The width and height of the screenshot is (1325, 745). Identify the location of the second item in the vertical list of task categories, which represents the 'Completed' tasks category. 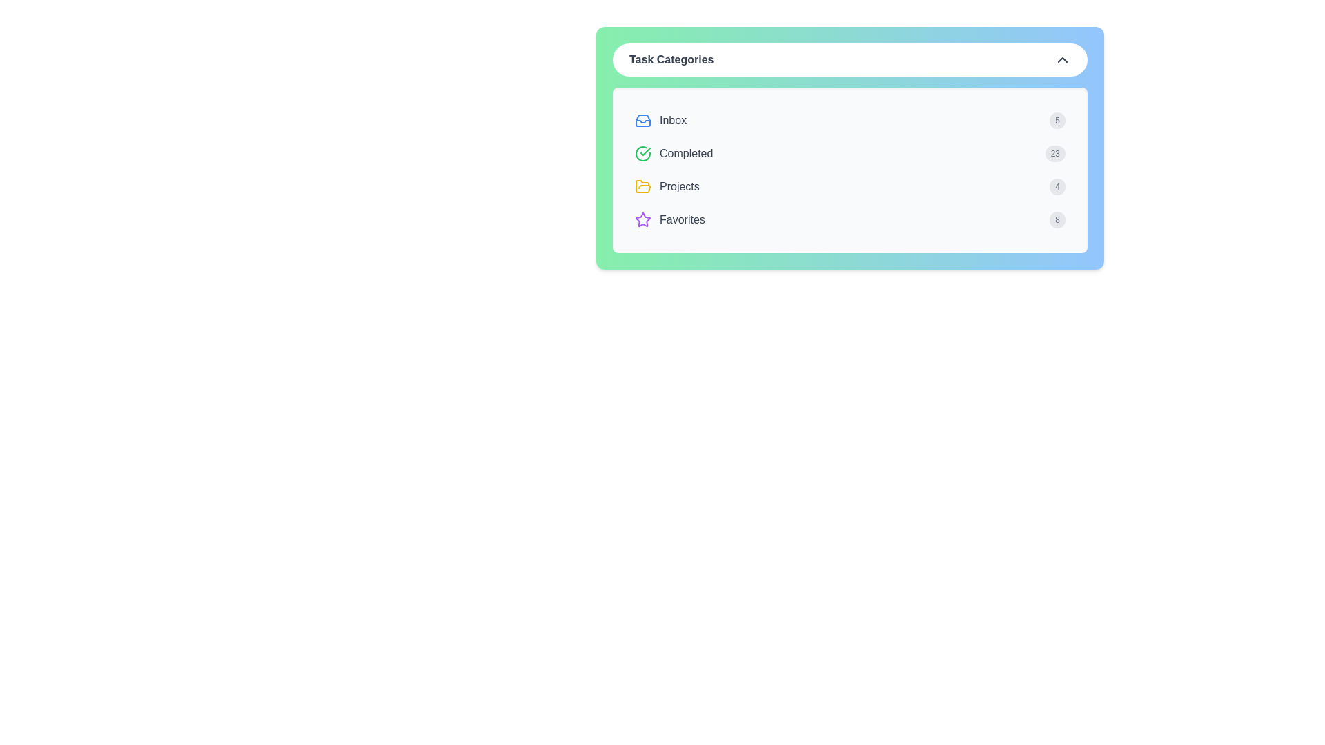
(674, 154).